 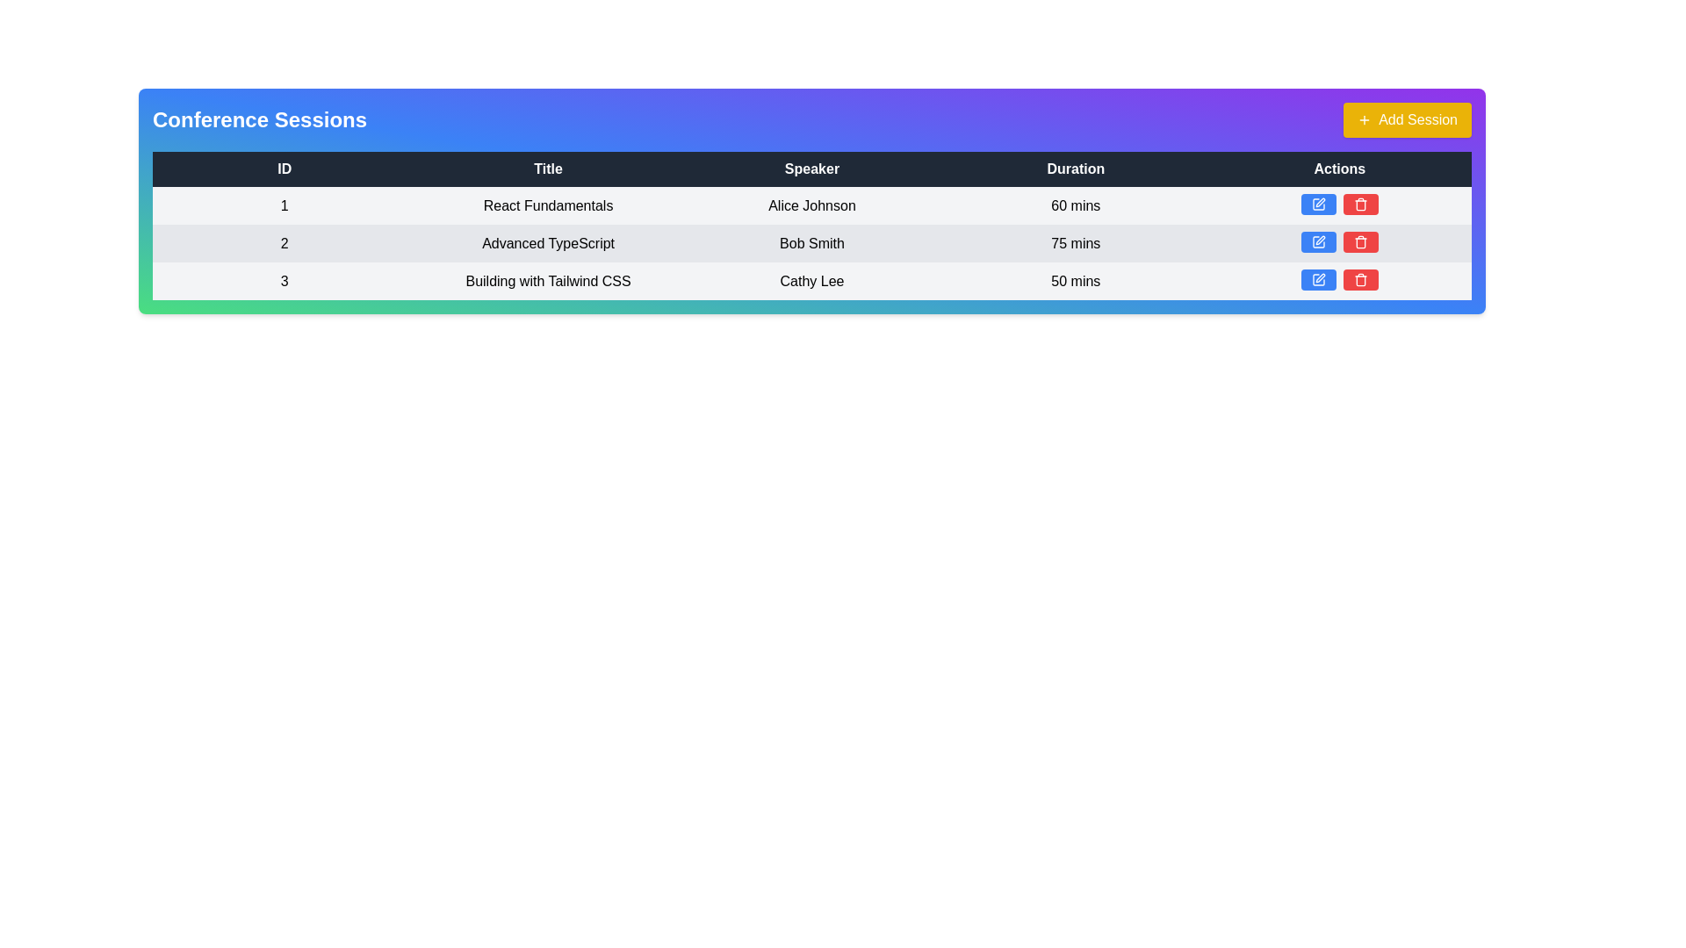 I want to click on displayed text 'Cathy Lee' which is bolded and centered in the third row under the 'Speaker' column of the table, so click(x=811, y=280).